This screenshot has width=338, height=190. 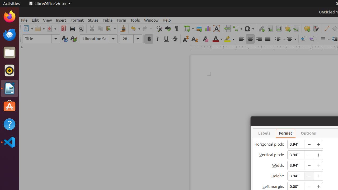 I want to click on 'LibreOffice Writer', so click(x=50, y=3).